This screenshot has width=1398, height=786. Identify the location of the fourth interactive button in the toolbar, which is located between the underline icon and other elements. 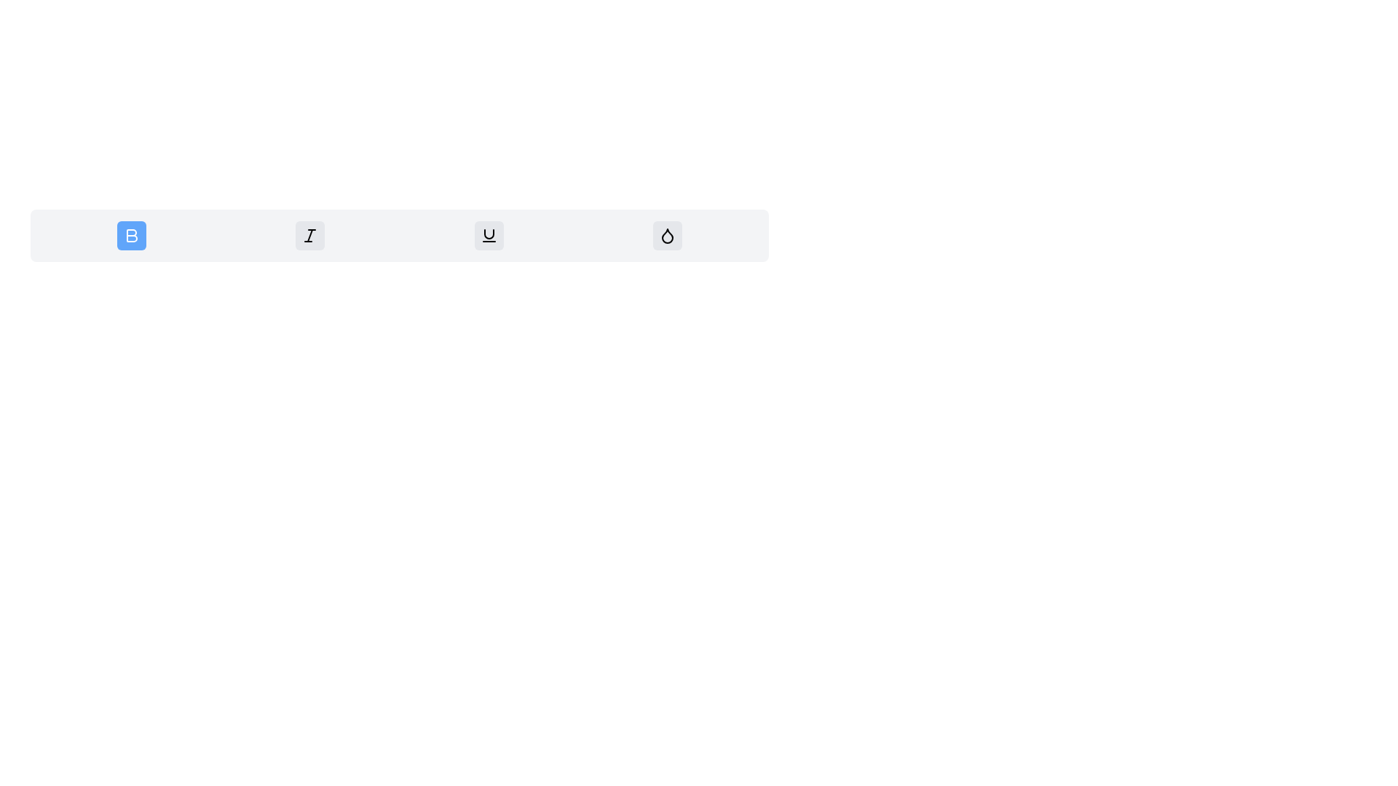
(667, 235).